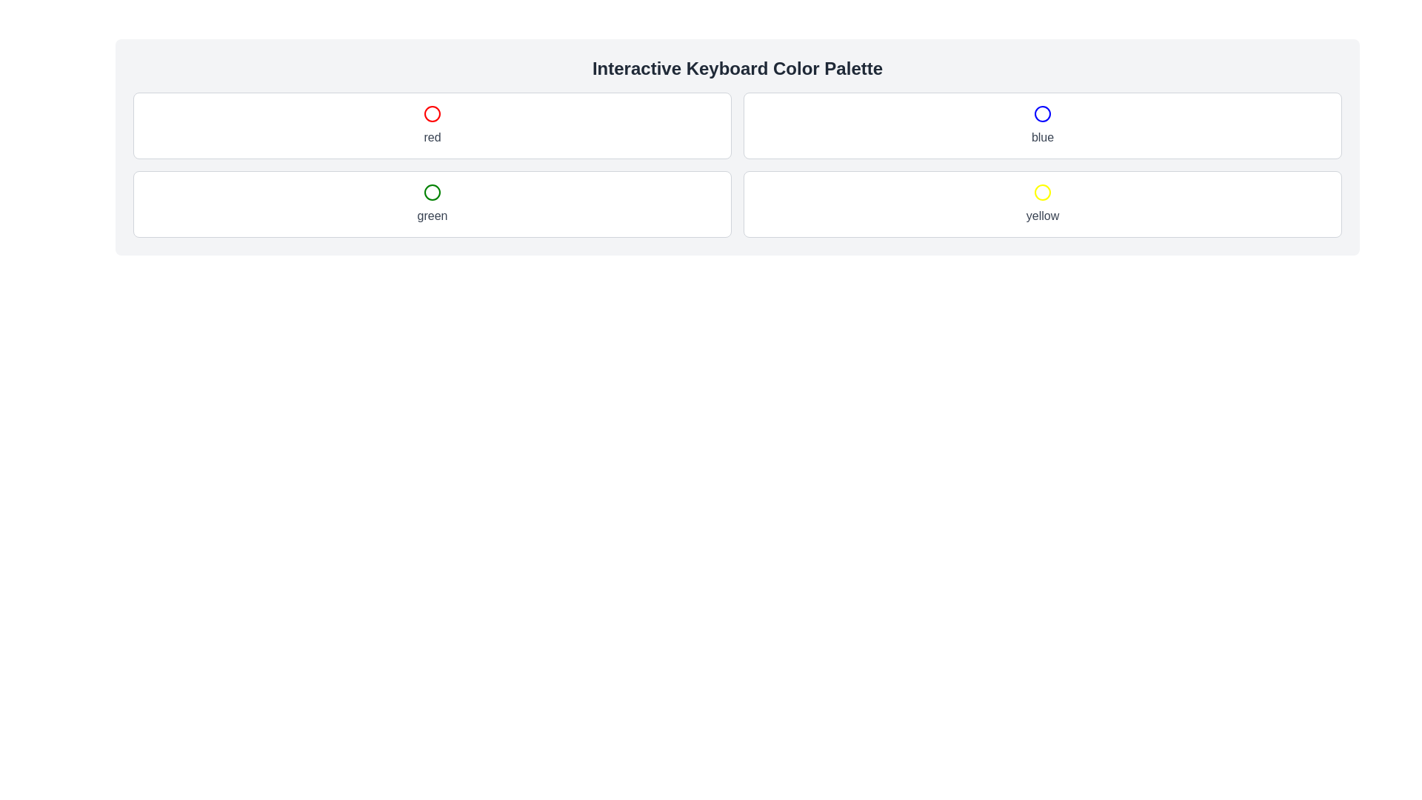  Describe the element at coordinates (1041, 113) in the screenshot. I see `the blue circle SVG icon located in the top-right cell of a 2x2 grid layout, which is aligned above the corresponding text label` at that location.